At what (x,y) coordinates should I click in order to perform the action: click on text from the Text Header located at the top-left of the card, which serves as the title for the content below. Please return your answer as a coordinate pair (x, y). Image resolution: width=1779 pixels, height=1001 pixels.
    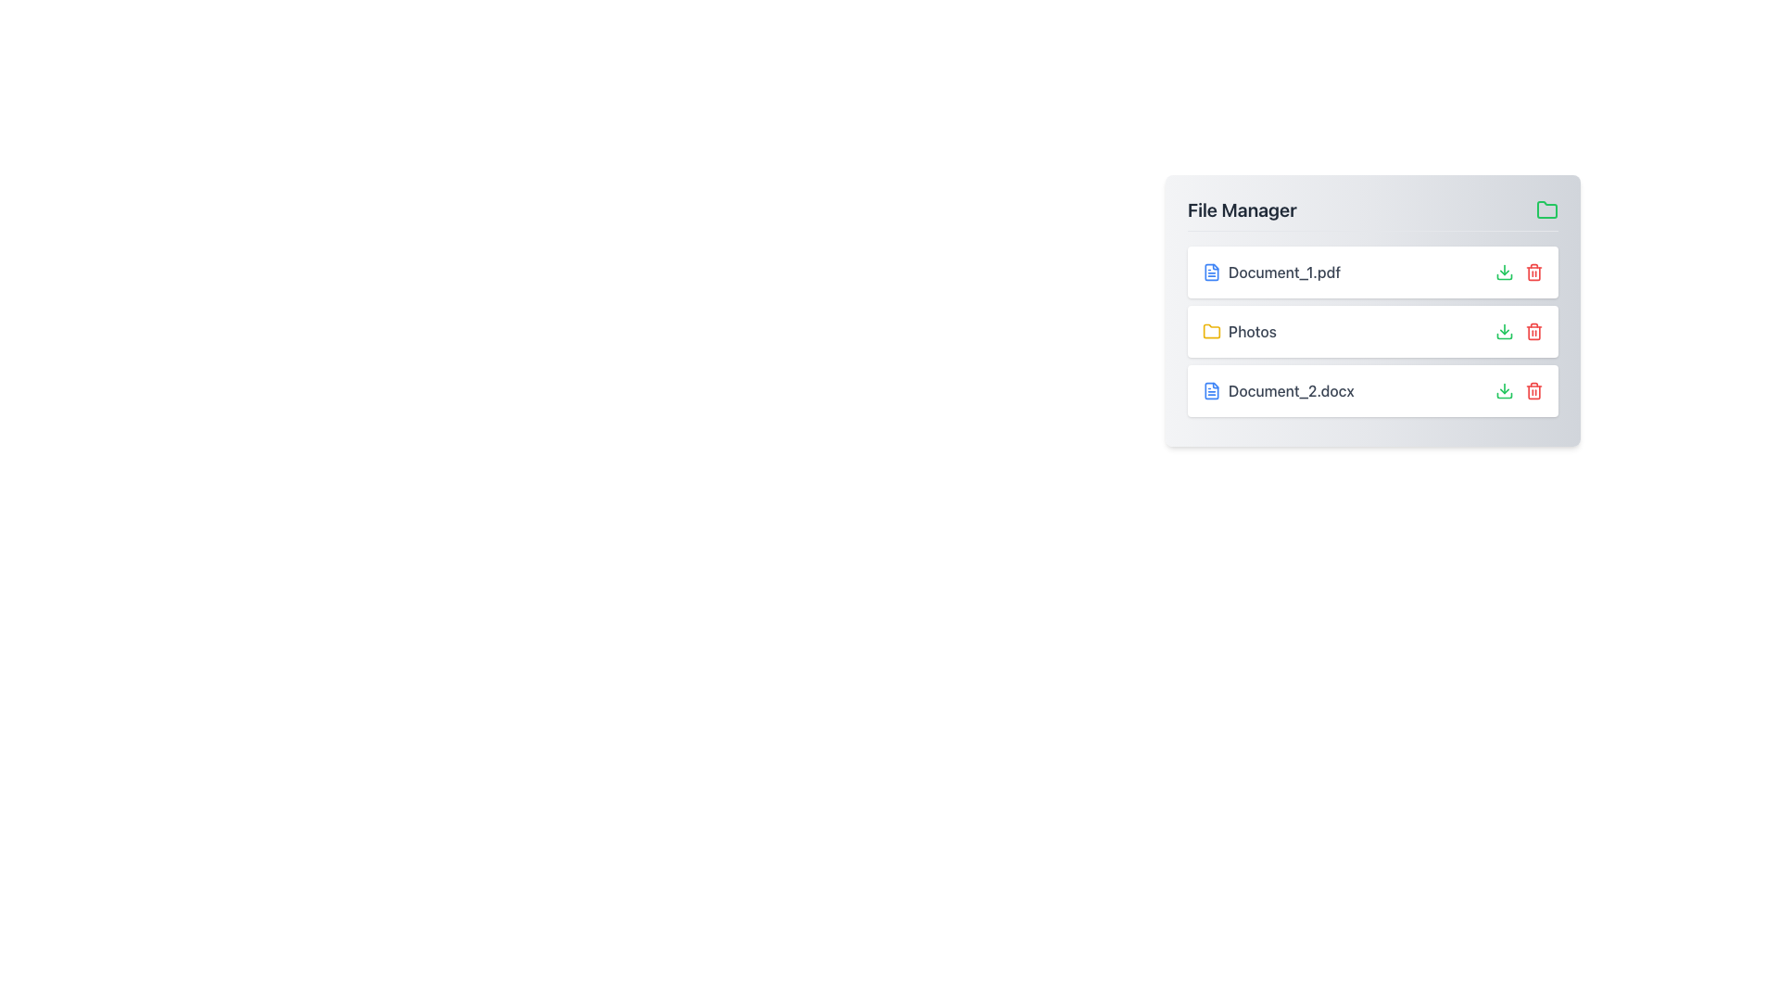
    Looking at the image, I should click on (1242, 209).